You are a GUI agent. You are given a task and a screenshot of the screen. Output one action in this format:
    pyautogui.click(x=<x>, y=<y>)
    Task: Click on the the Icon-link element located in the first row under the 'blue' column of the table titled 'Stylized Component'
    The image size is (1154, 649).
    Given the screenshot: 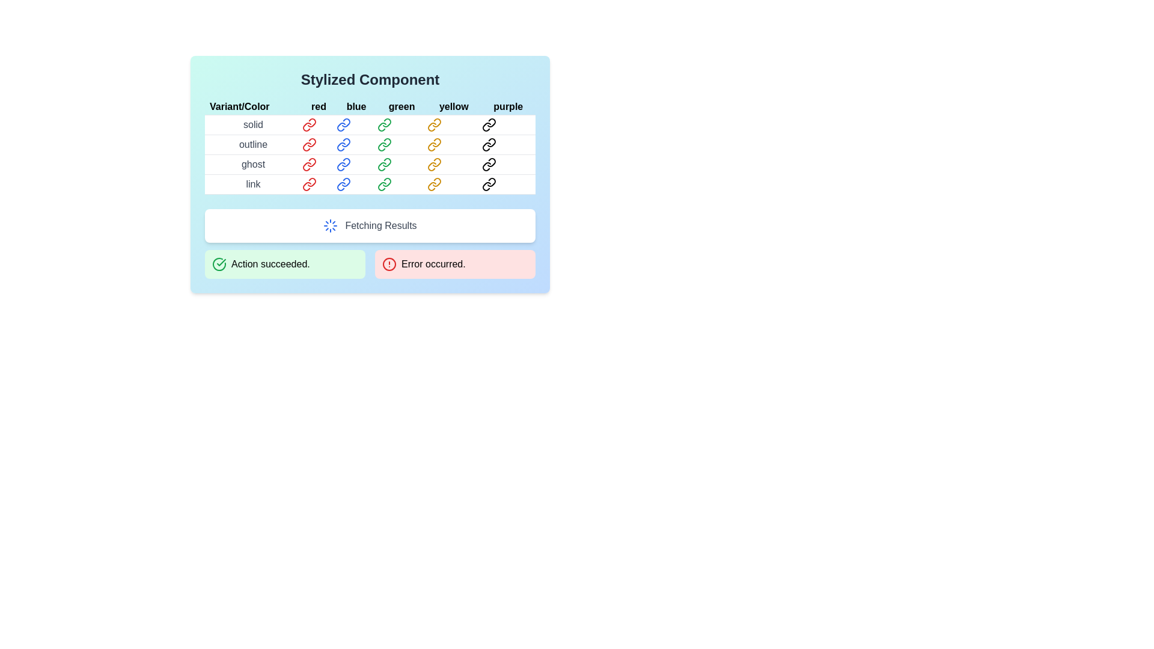 What is the action you would take?
    pyautogui.click(x=343, y=125)
    